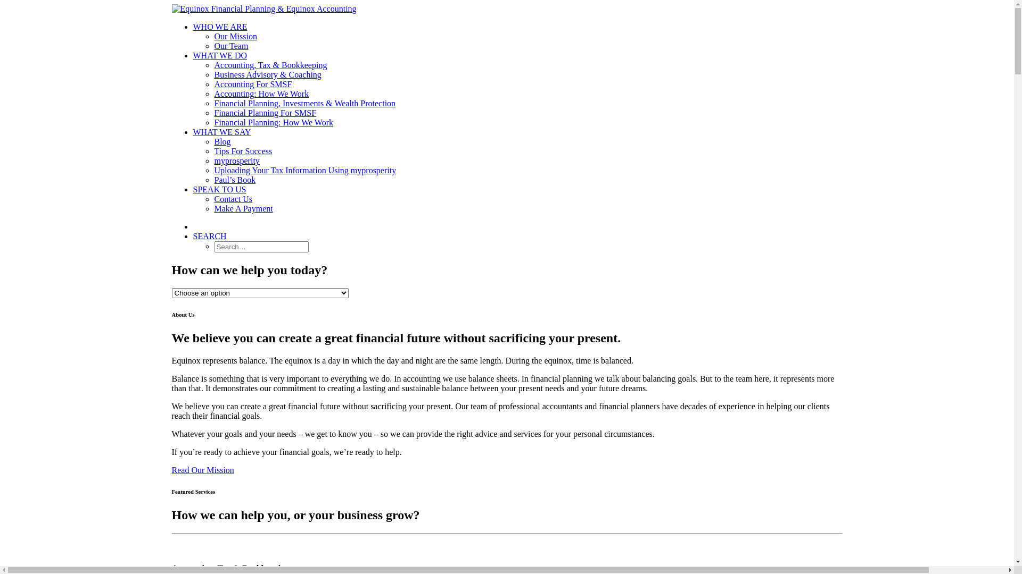  I want to click on 'Our Team', so click(230, 45).